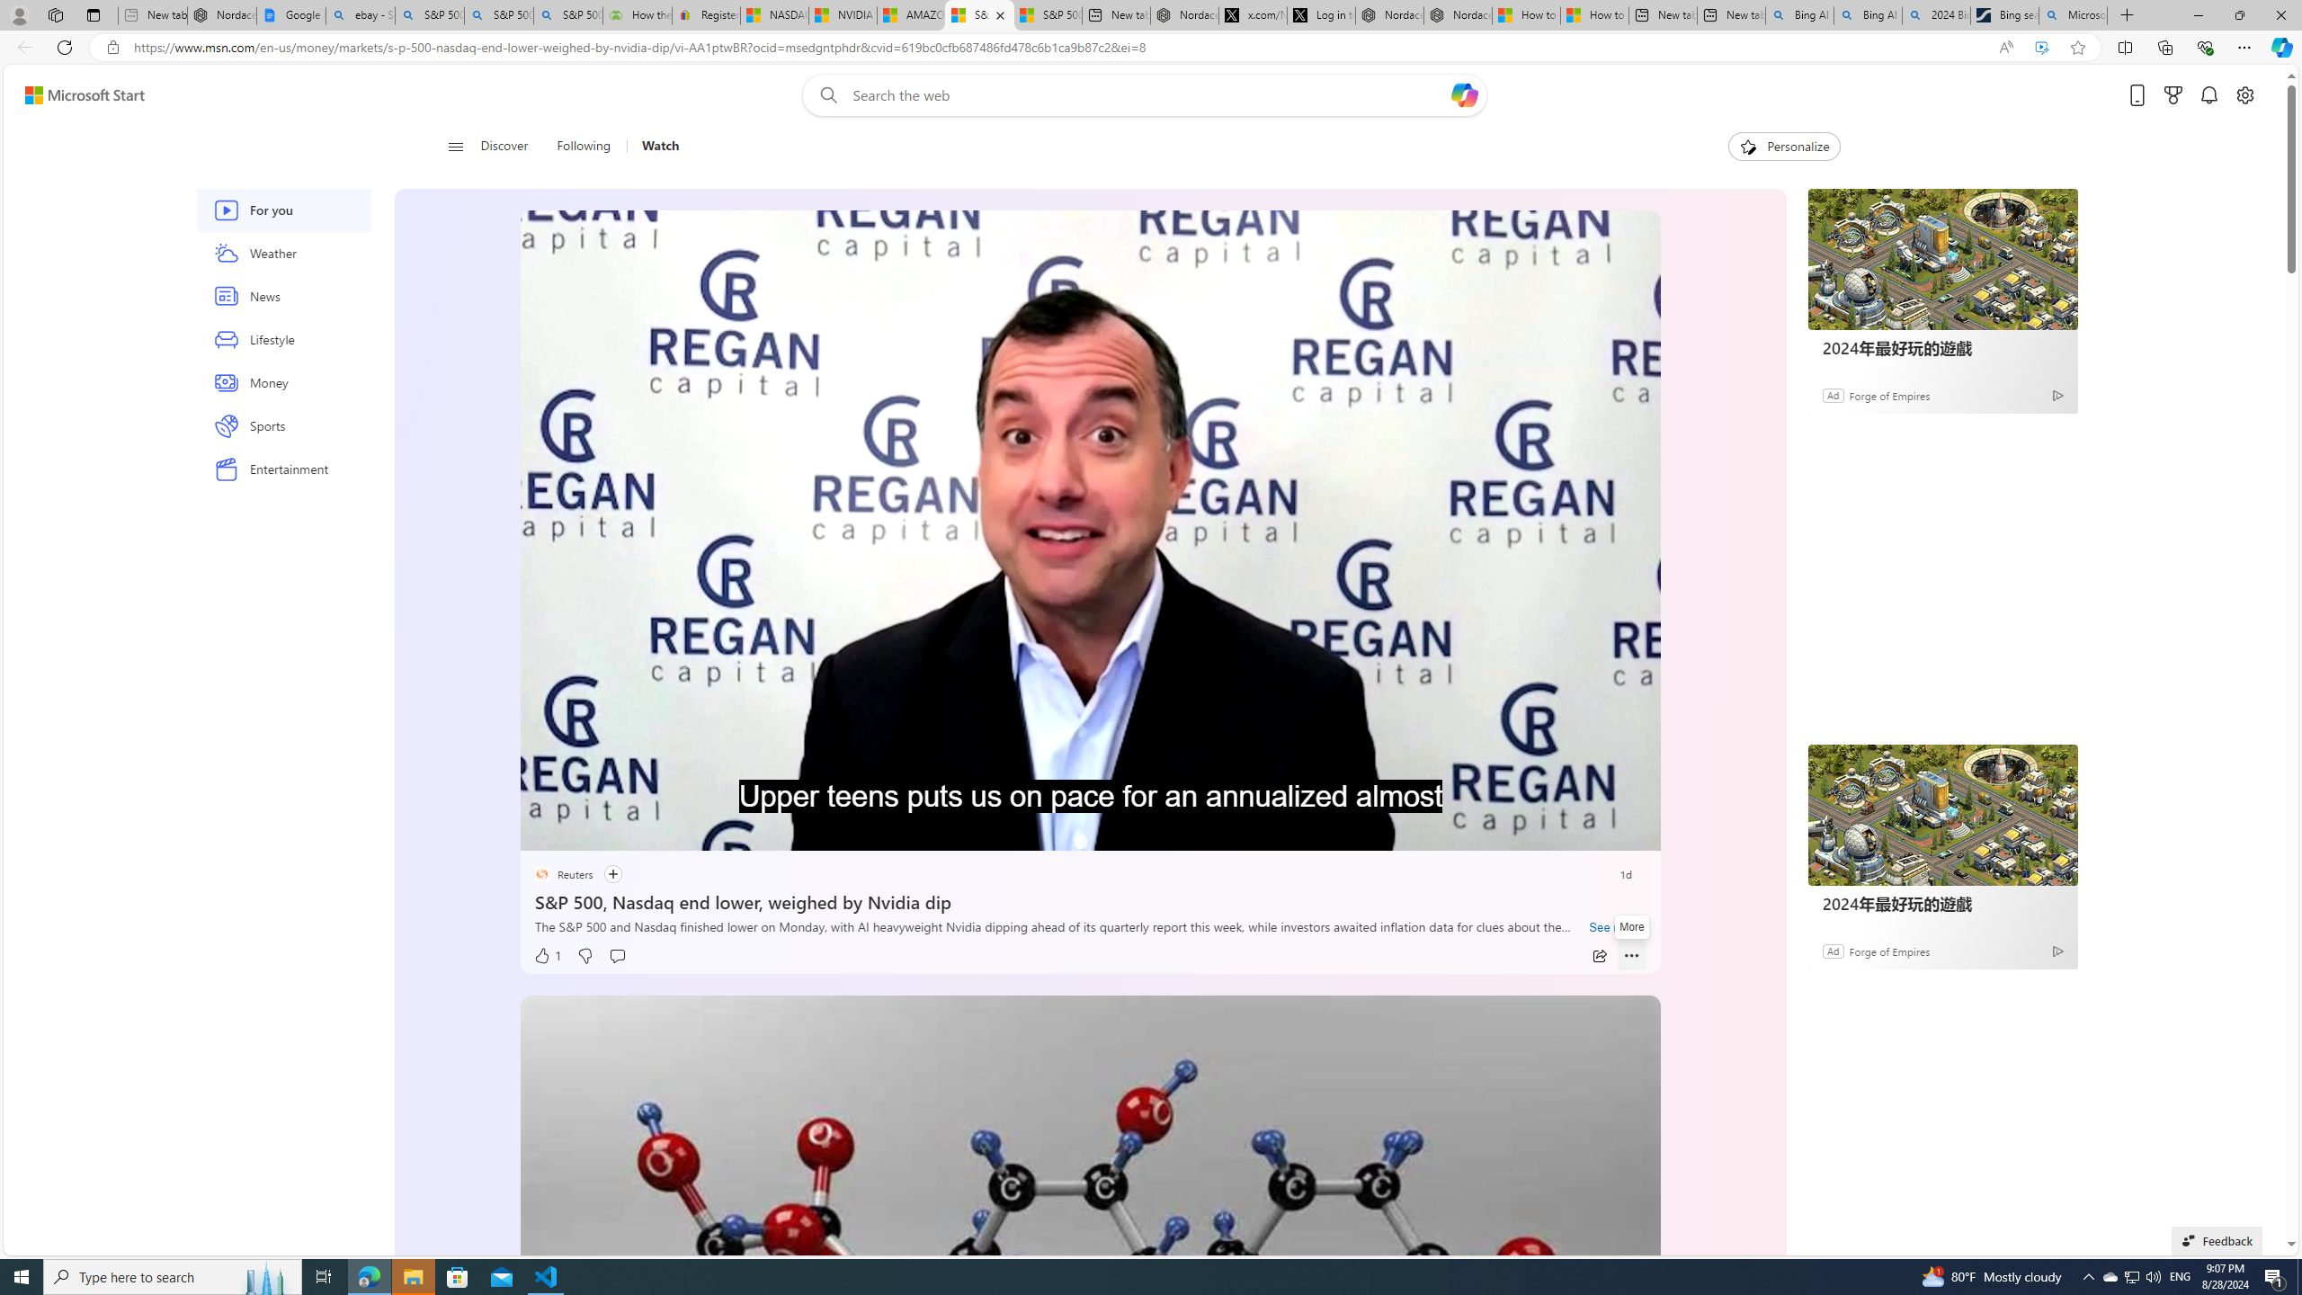  Describe the element at coordinates (1887, 950) in the screenshot. I see `'Forge of Empires'` at that location.